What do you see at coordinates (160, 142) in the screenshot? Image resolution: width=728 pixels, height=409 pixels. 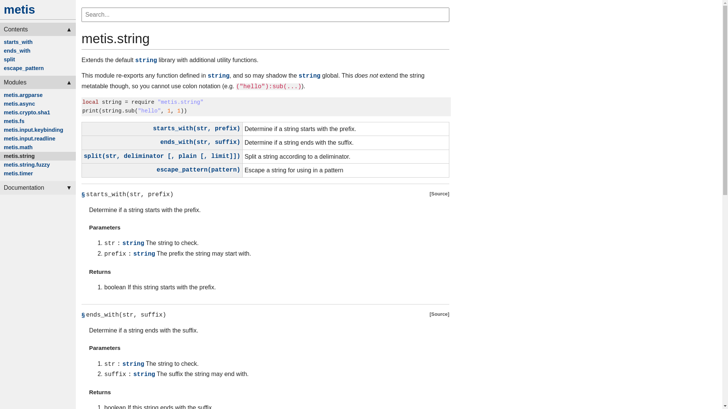 I see `'ends_with(str, suffix)'` at bounding box center [160, 142].